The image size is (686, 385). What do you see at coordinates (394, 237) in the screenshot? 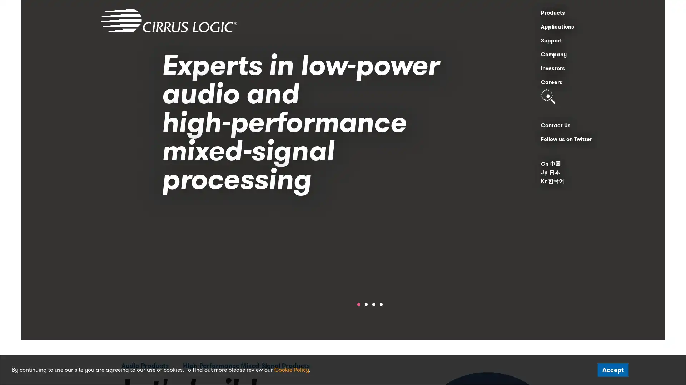
I see `More` at bounding box center [394, 237].